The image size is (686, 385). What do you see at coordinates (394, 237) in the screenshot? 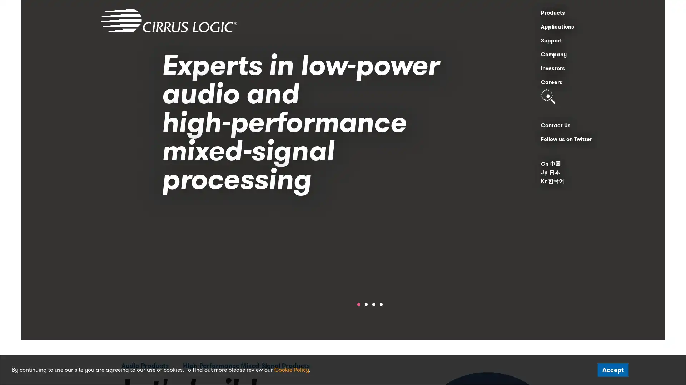
I see `More` at bounding box center [394, 237].